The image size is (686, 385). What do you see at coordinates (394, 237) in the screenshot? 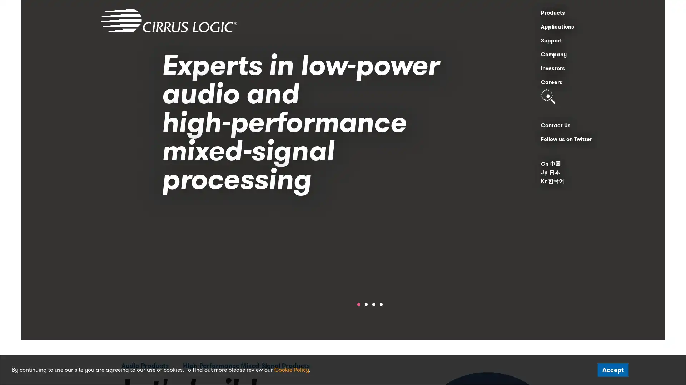
I see `More` at bounding box center [394, 237].